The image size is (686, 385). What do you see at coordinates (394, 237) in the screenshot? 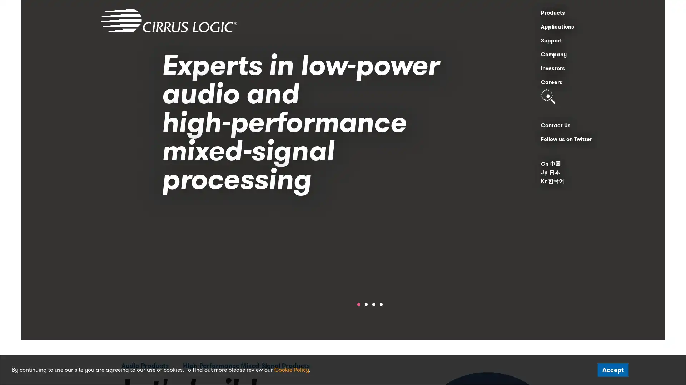
I see `More` at bounding box center [394, 237].